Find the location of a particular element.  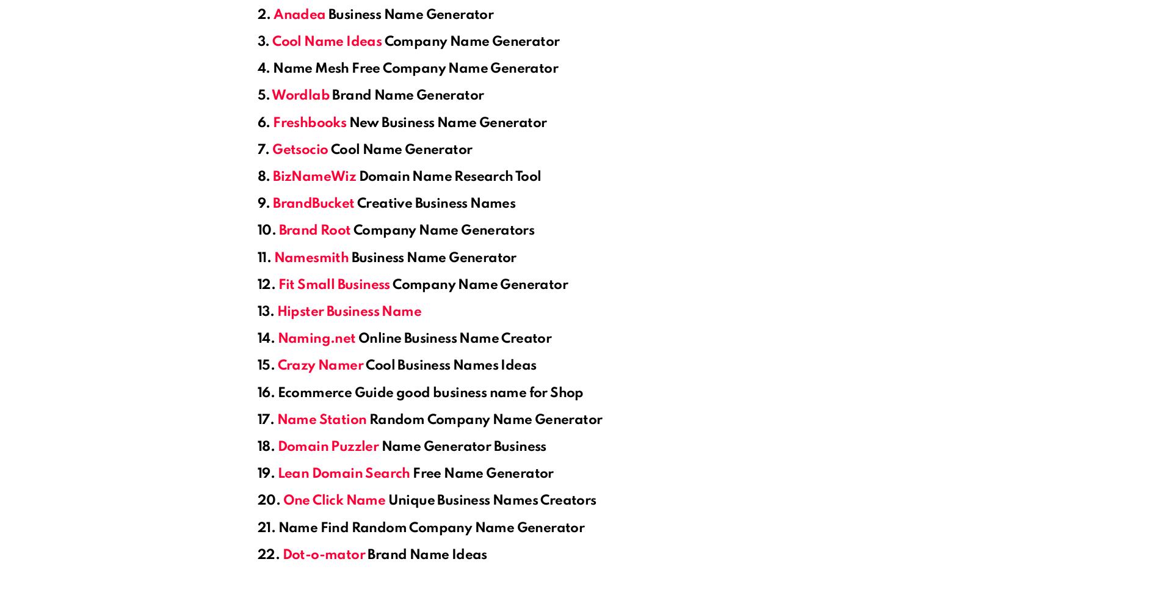

'21.' is located at coordinates (267, 527).